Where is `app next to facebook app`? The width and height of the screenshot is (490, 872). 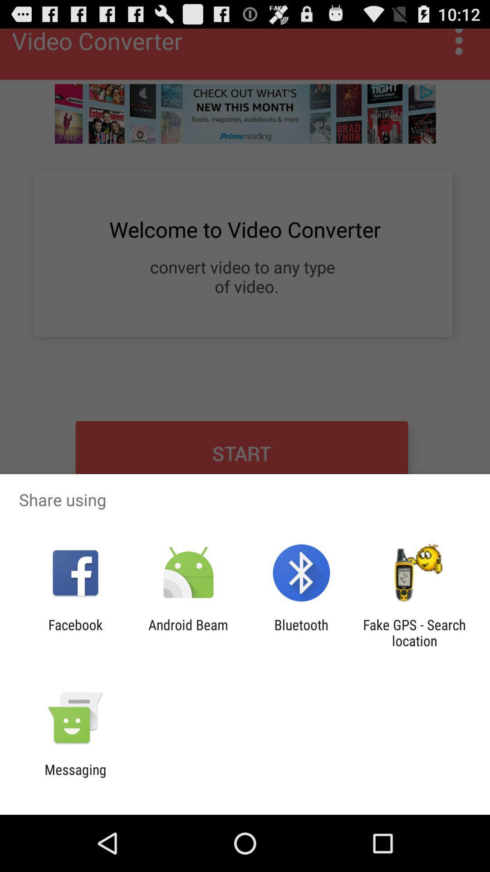
app next to facebook app is located at coordinates (188, 632).